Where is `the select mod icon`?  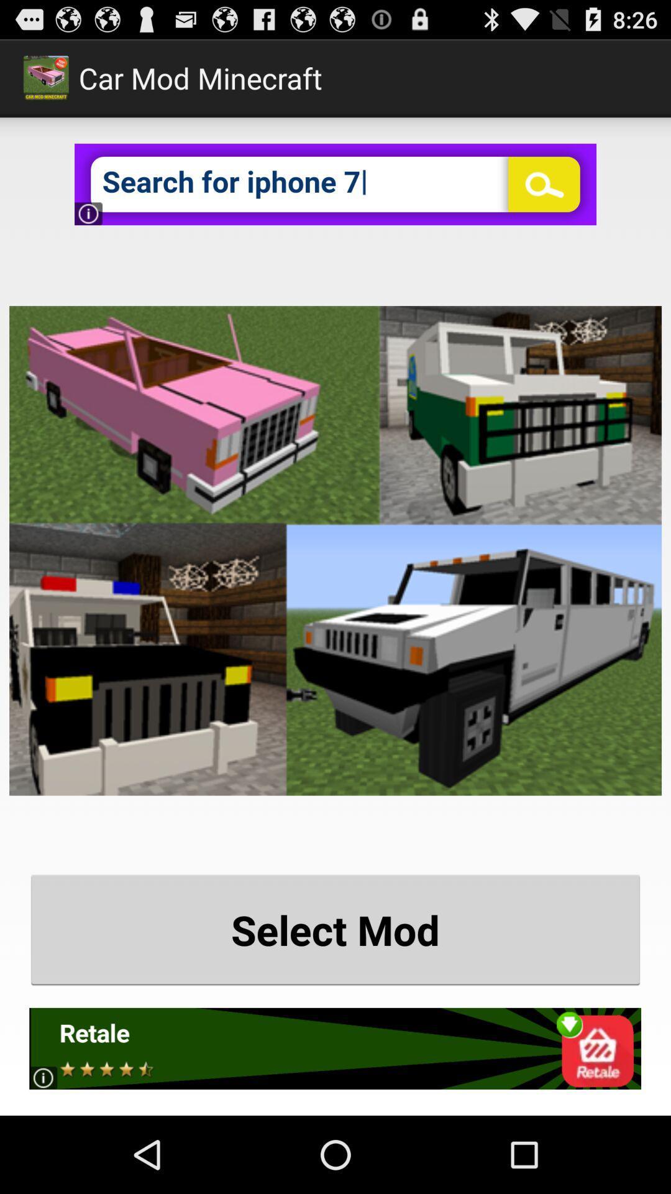 the select mod icon is located at coordinates (335, 930).